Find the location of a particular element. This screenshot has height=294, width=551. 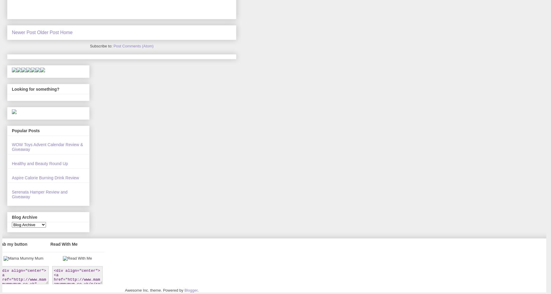

'Aspire Calorie Burning Drink Review' is located at coordinates (11, 177).